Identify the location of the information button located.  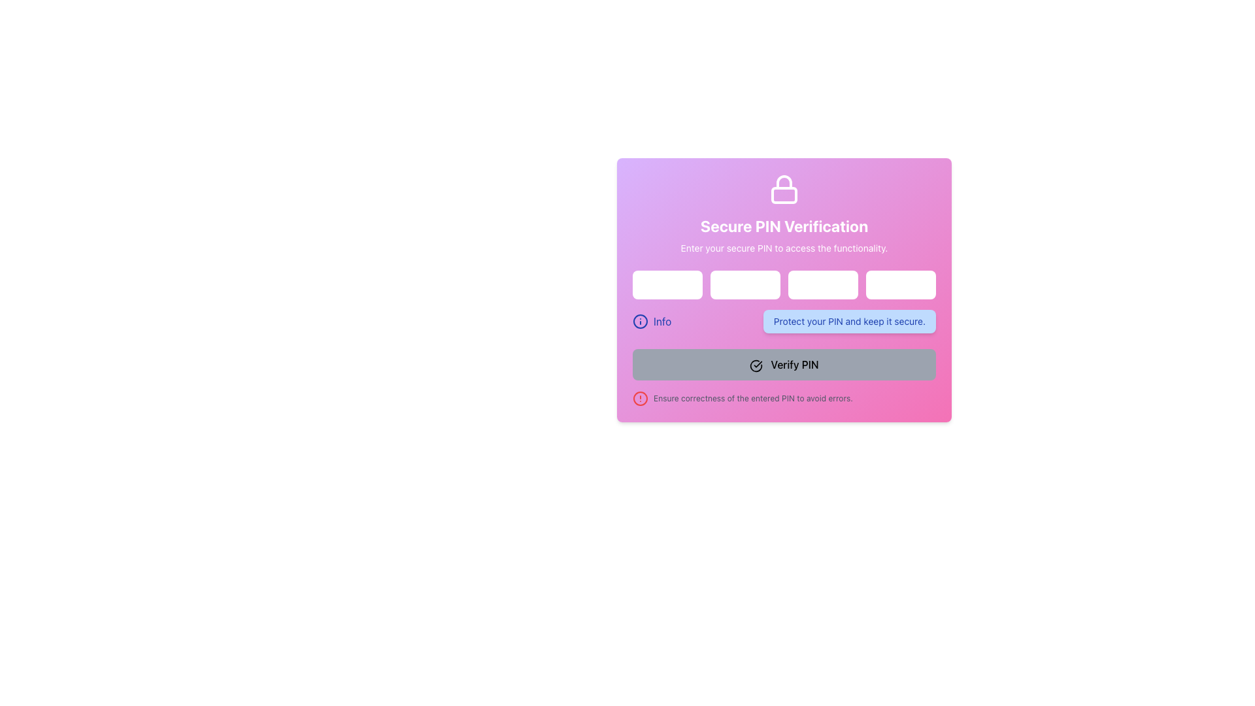
(652, 322).